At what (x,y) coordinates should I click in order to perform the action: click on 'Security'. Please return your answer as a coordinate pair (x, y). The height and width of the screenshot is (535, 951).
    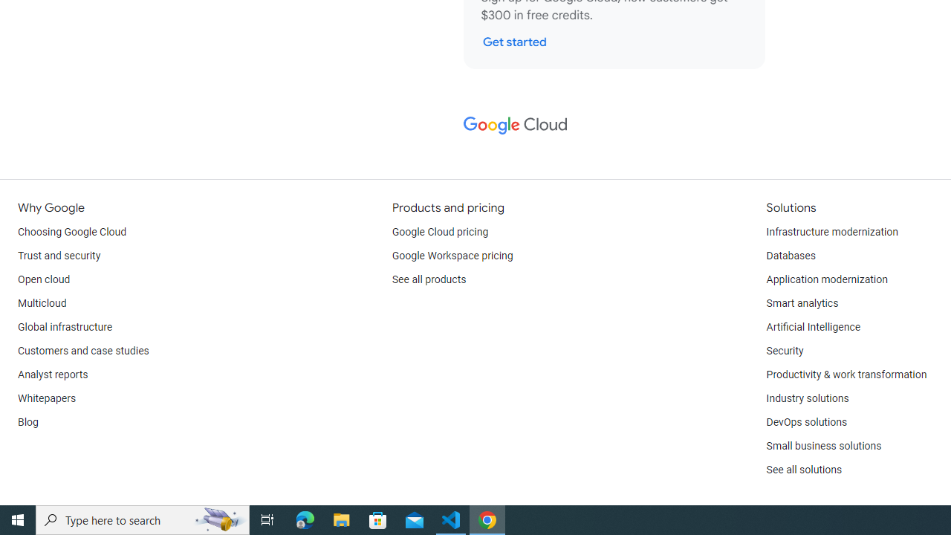
    Looking at the image, I should click on (784, 351).